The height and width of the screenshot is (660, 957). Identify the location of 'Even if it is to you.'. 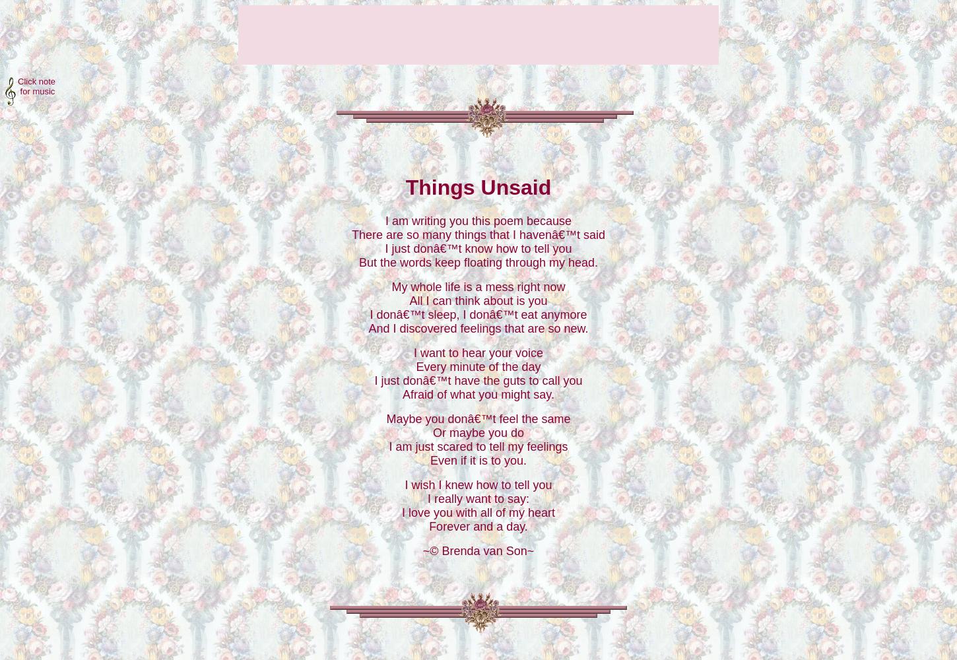
(429, 459).